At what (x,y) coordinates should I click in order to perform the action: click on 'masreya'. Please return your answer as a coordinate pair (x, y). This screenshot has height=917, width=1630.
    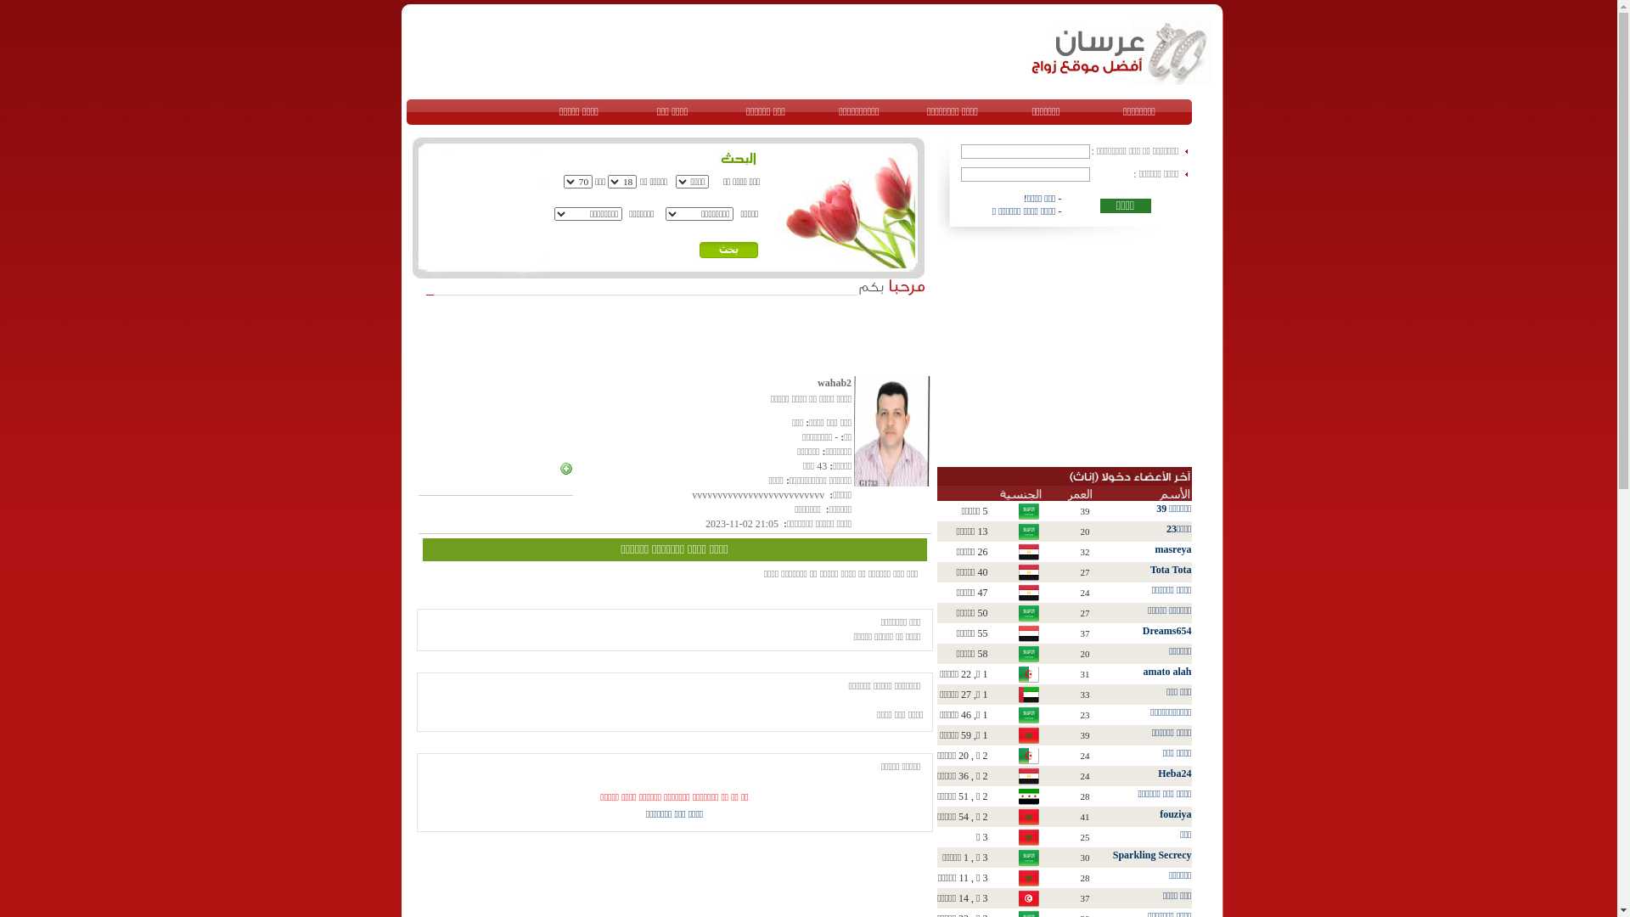
    Looking at the image, I should click on (1154, 549).